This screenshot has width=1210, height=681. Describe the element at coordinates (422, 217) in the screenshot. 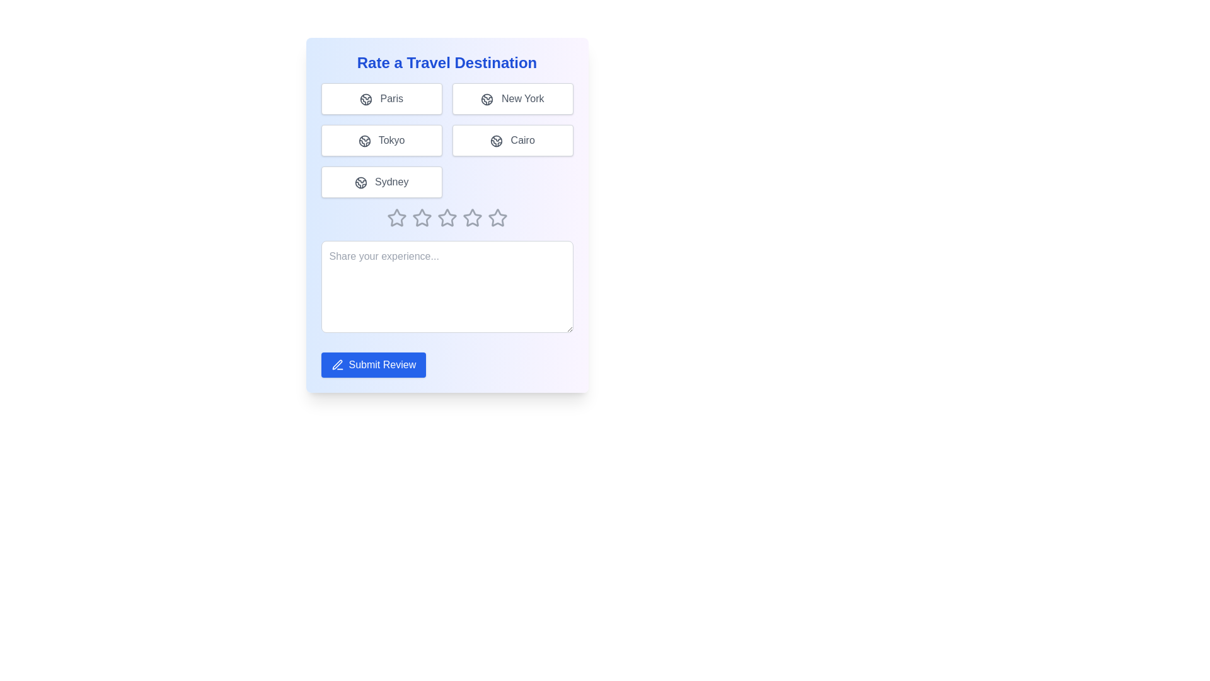

I see `the second star-shaped icon with a gray outline` at that location.